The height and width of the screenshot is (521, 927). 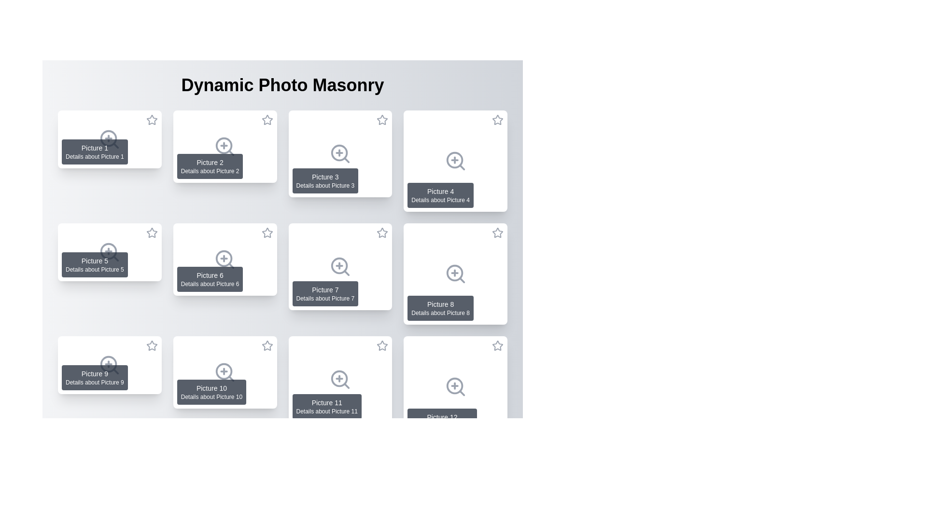 What do you see at coordinates (151, 234) in the screenshot?
I see `the star icon button located in the top-right corner of the card displaying details about 'Picture 5' to mark or unmark it as favorite` at bounding box center [151, 234].